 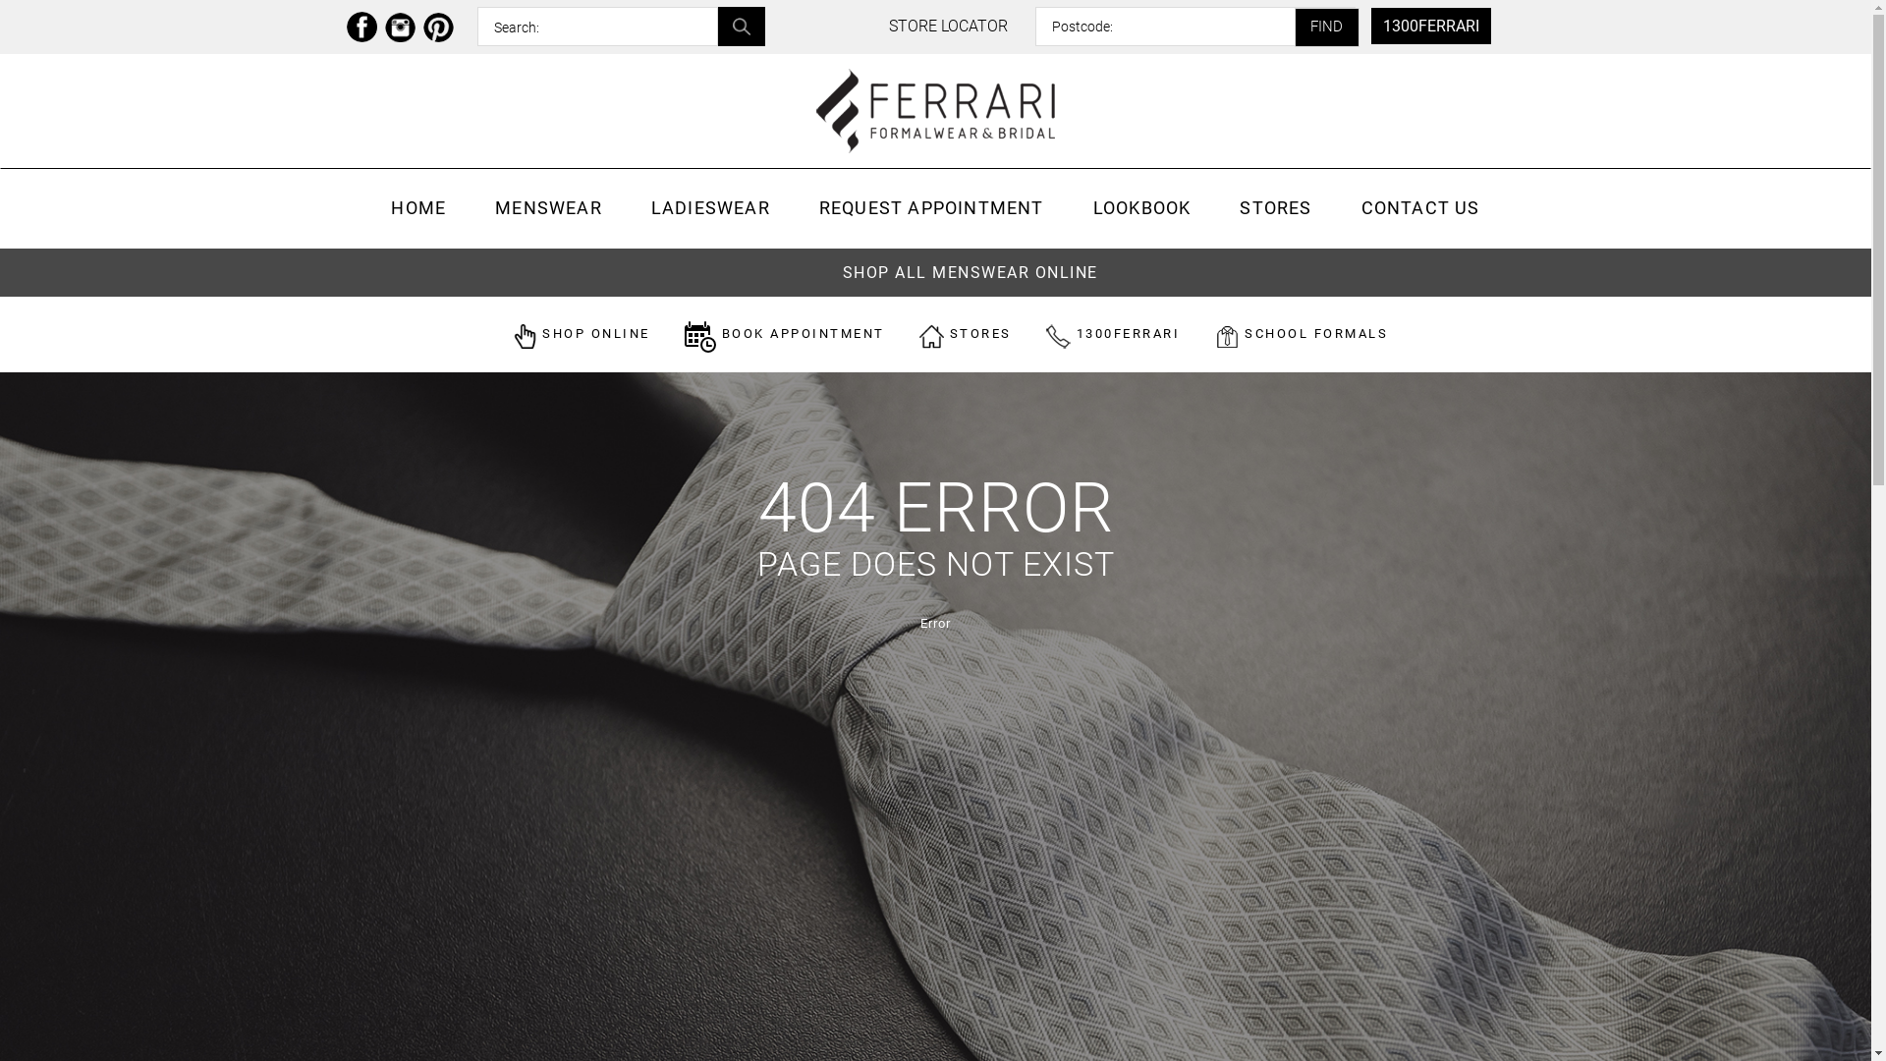 I want to click on 'STORES', so click(x=889, y=332).